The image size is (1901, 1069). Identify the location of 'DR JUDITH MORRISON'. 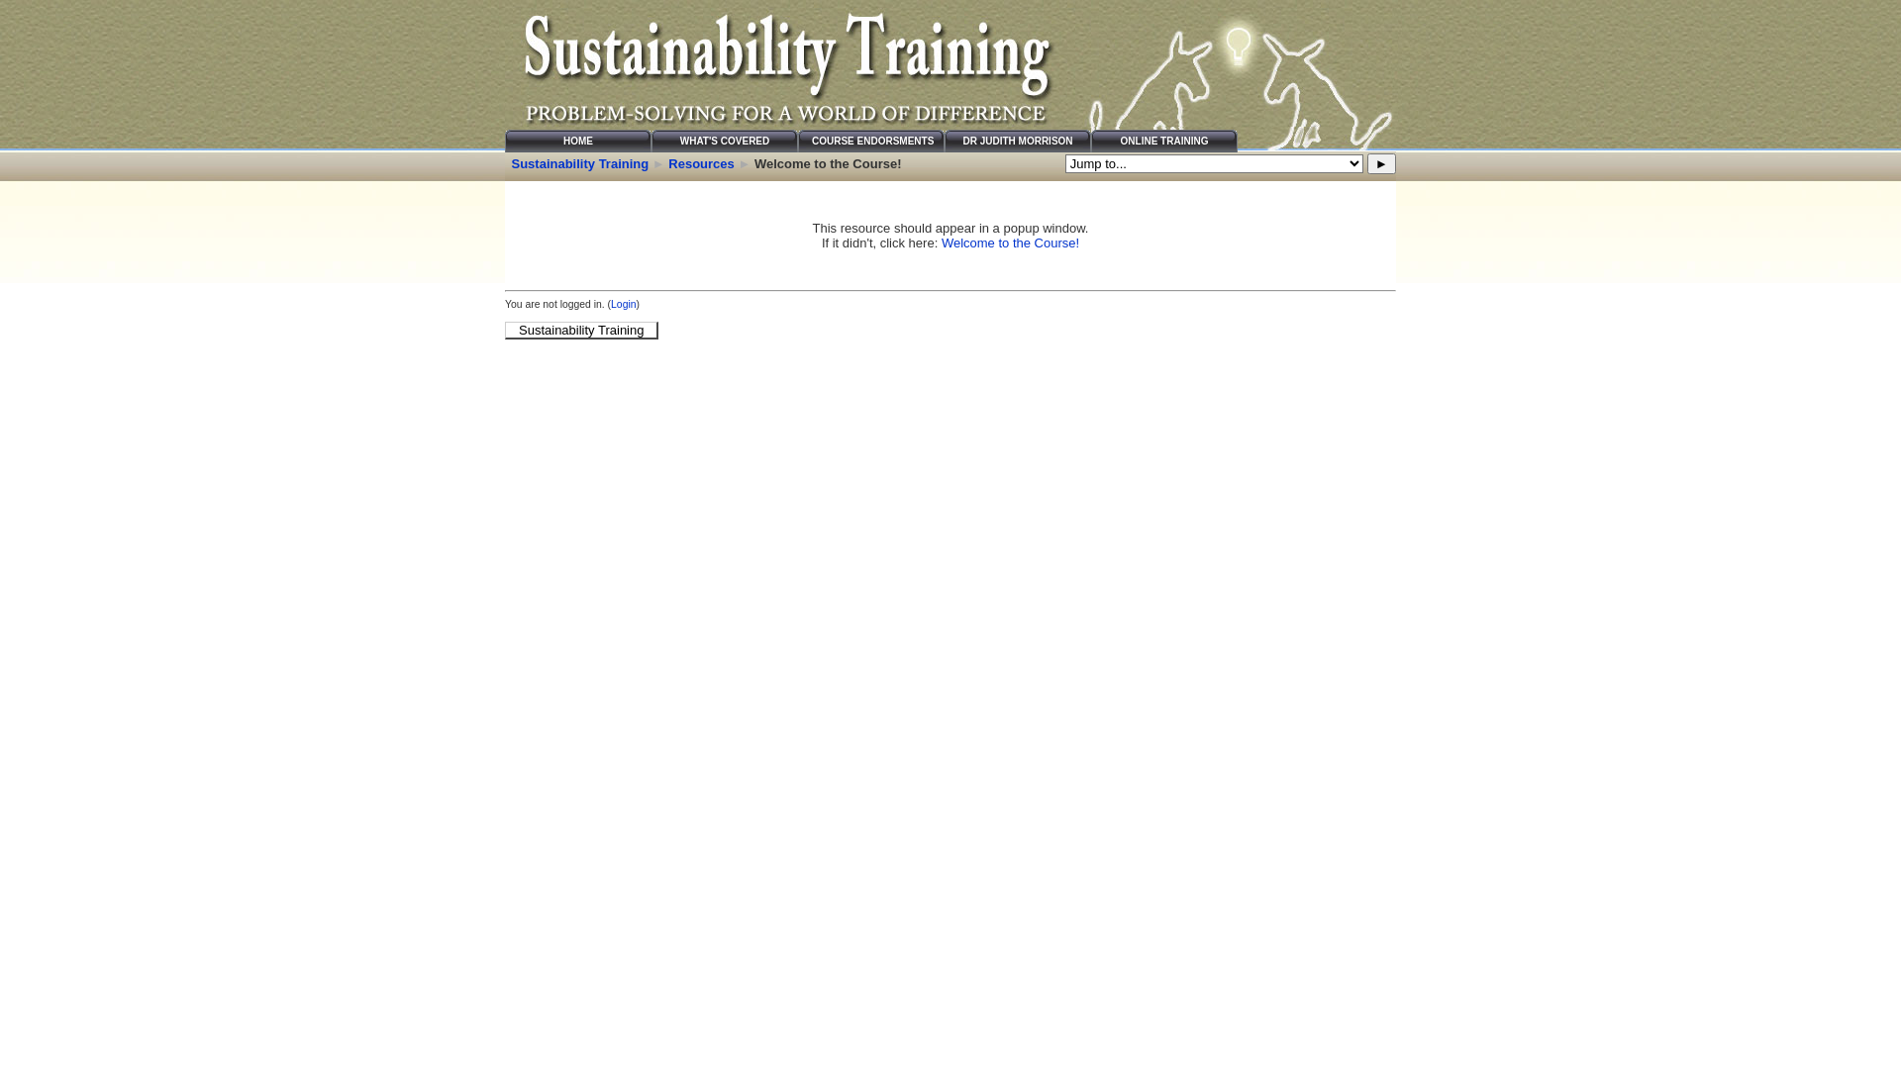
(1017, 140).